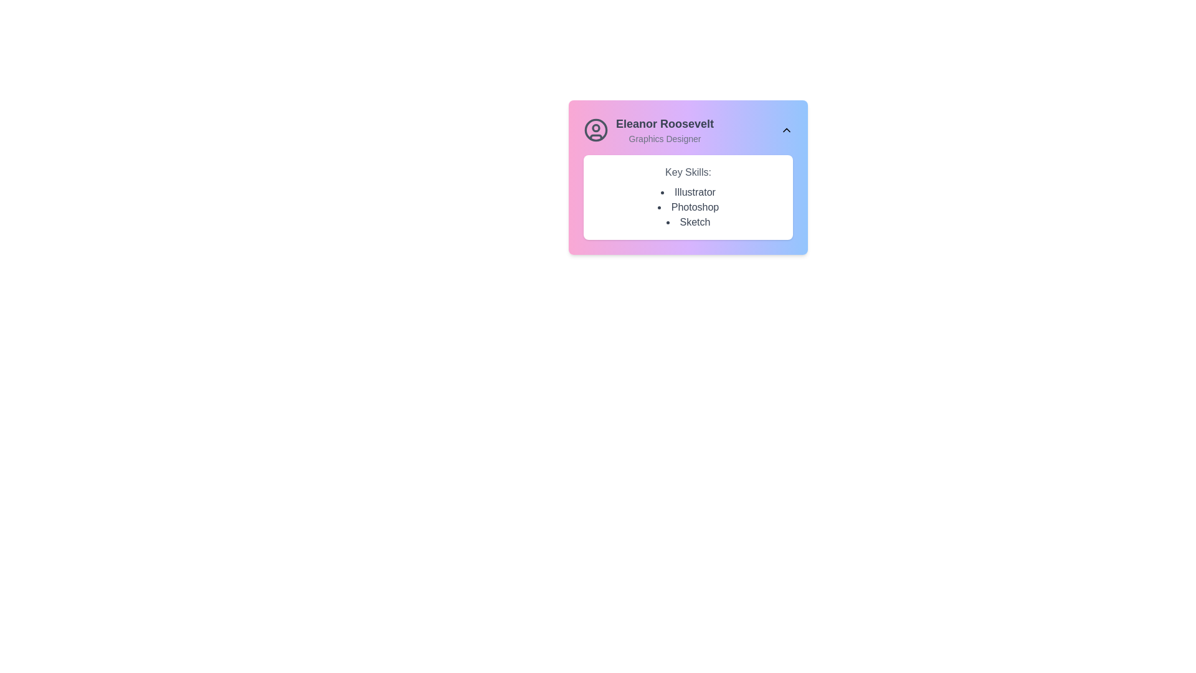 This screenshot has height=673, width=1196. I want to click on the interactive button located at the top-right corner of the card containing 'Eleanor Roosevelt' and 'Graphics Designer' to trigger a tooltip or effect, so click(785, 130).